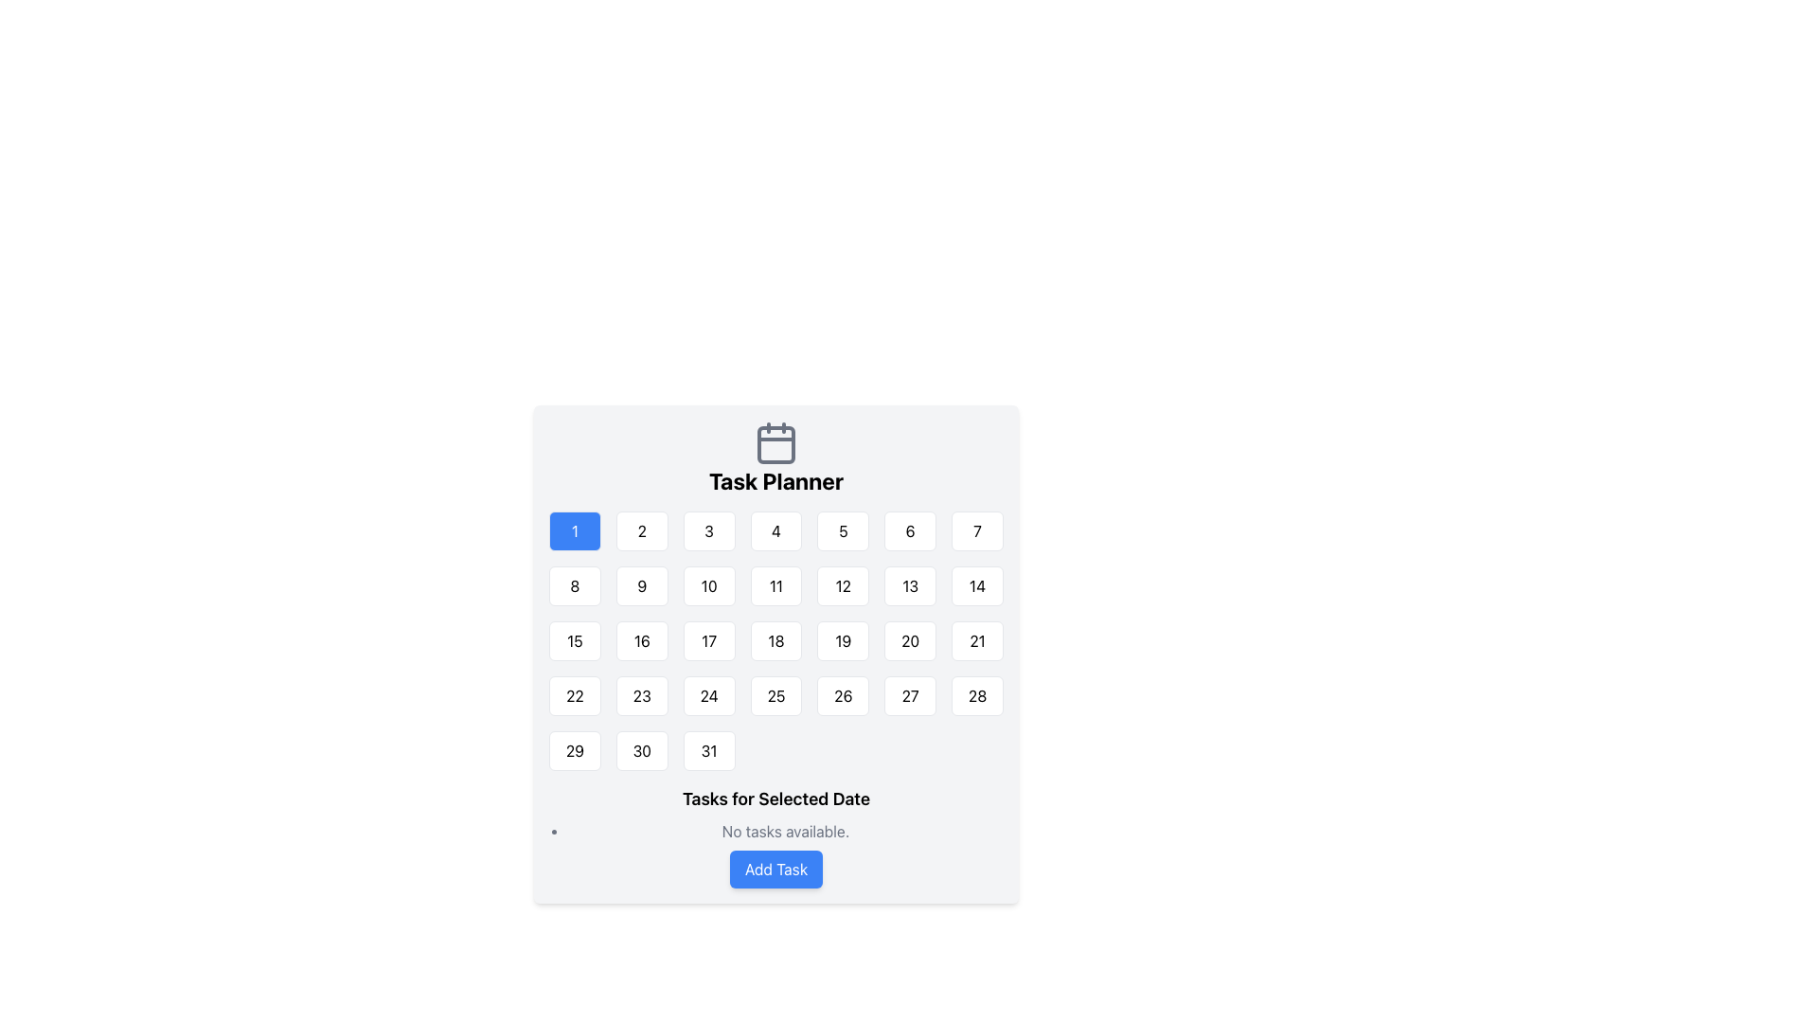  I want to click on the button representing the 25th day in the Task Planner calendar interface, so click(776, 696).